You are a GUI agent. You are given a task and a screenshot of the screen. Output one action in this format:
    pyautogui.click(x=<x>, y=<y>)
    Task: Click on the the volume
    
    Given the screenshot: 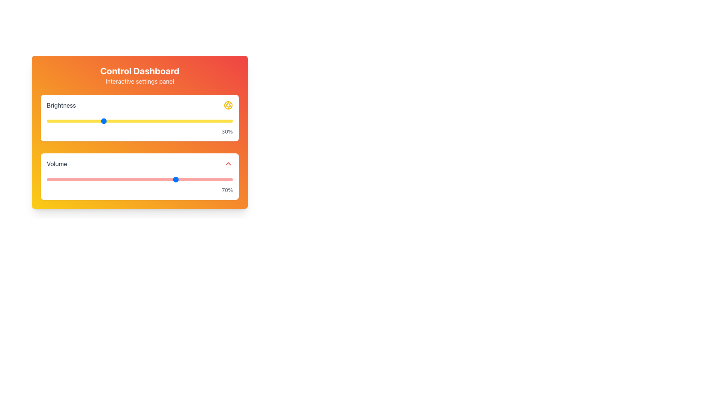 What is the action you would take?
    pyautogui.click(x=134, y=179)
    